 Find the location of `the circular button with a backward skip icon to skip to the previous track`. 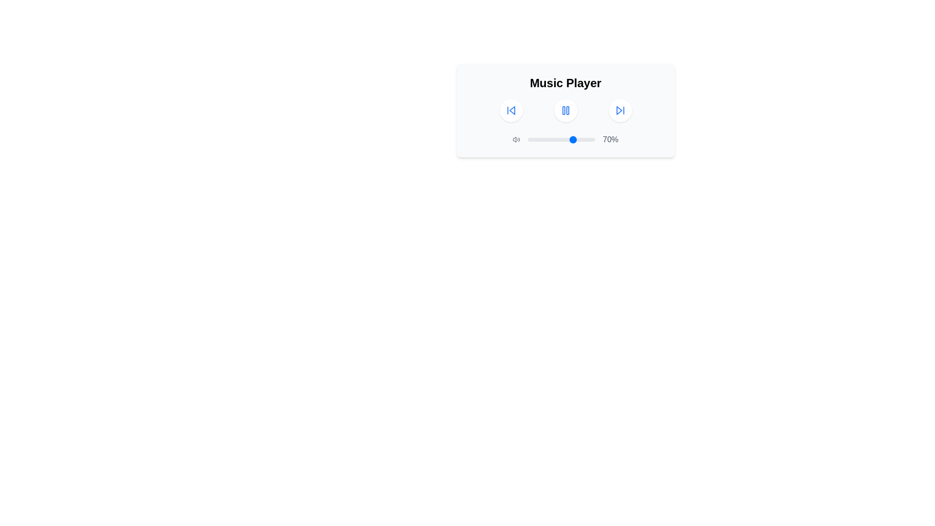

the circular button with a backward skip icon to skip to the previous track is located at coordinates (510, 110).